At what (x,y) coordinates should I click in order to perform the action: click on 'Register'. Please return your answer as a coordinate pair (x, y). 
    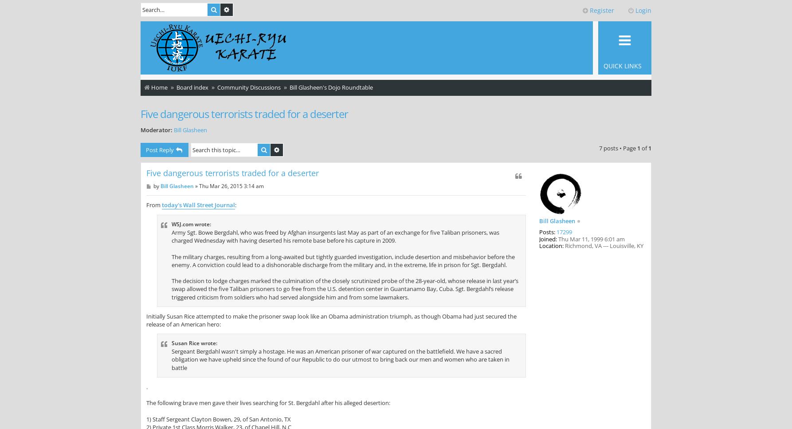
    Looking at the image, I should click on (601, 10).